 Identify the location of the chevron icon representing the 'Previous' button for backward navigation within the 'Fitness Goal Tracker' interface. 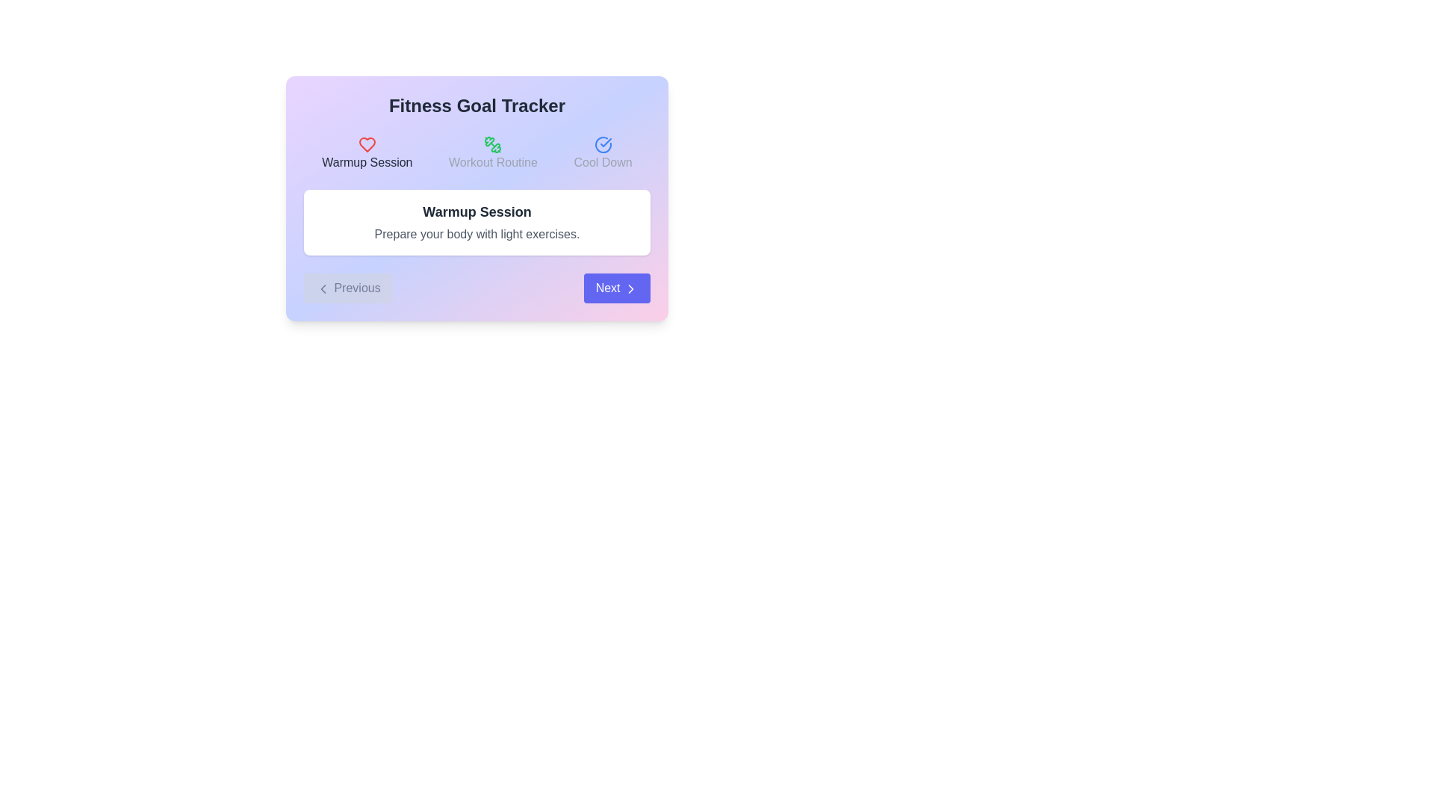
(322, 288).